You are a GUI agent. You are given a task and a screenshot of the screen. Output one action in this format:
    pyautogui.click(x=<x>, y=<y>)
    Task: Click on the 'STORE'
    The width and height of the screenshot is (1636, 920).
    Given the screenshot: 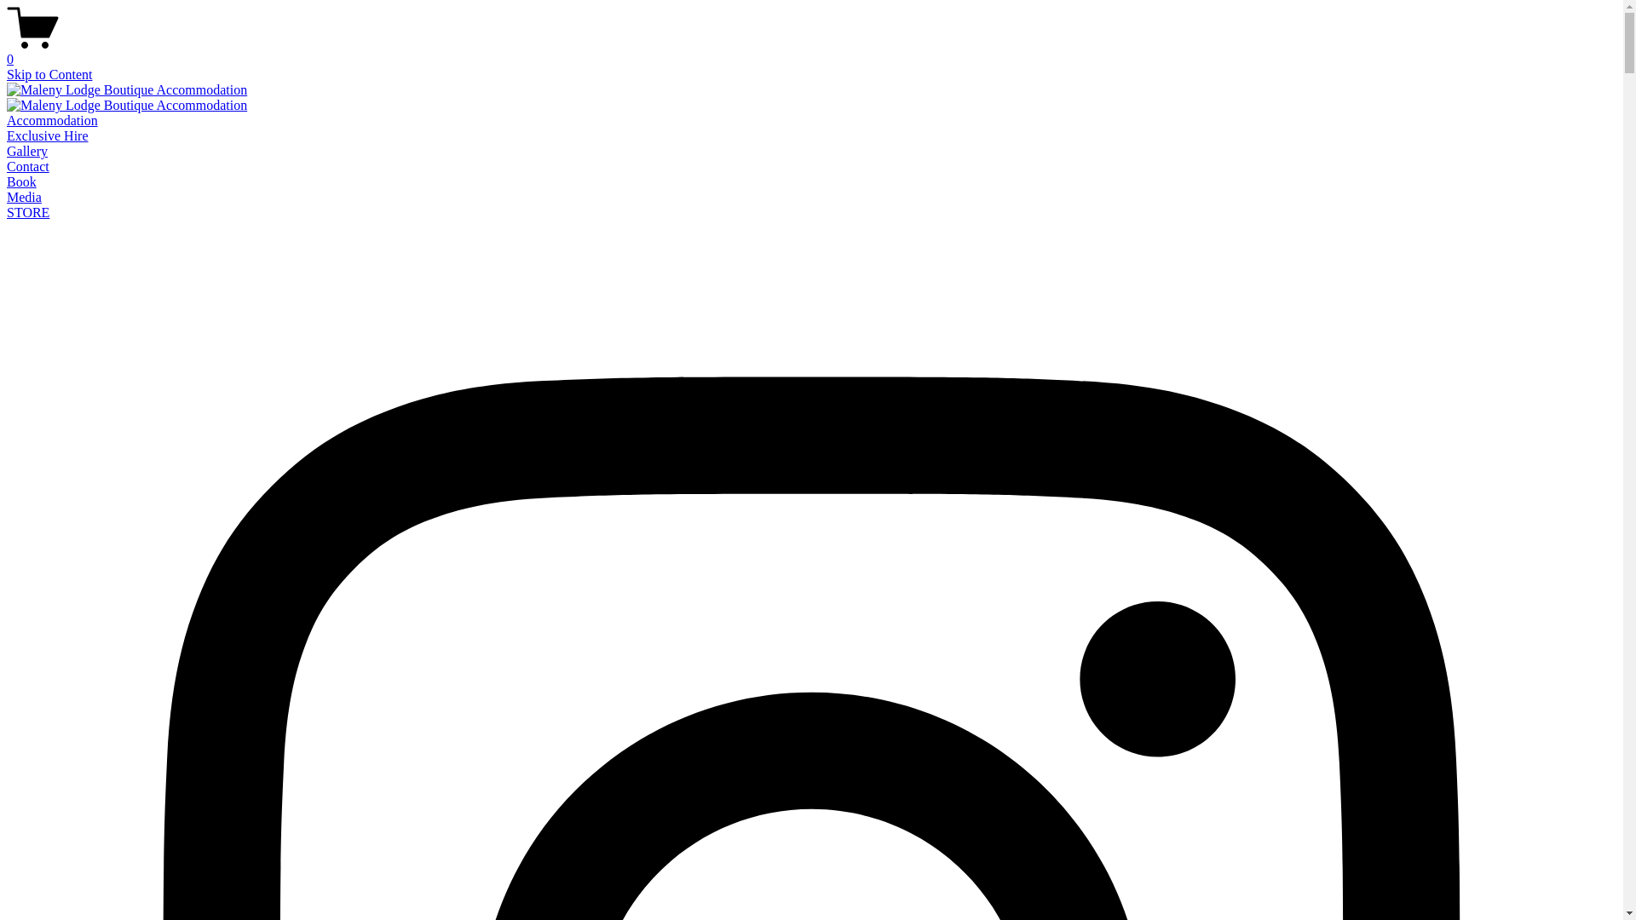 What is the action you would take?
    pyautogui.click(x=28, y=211)
    